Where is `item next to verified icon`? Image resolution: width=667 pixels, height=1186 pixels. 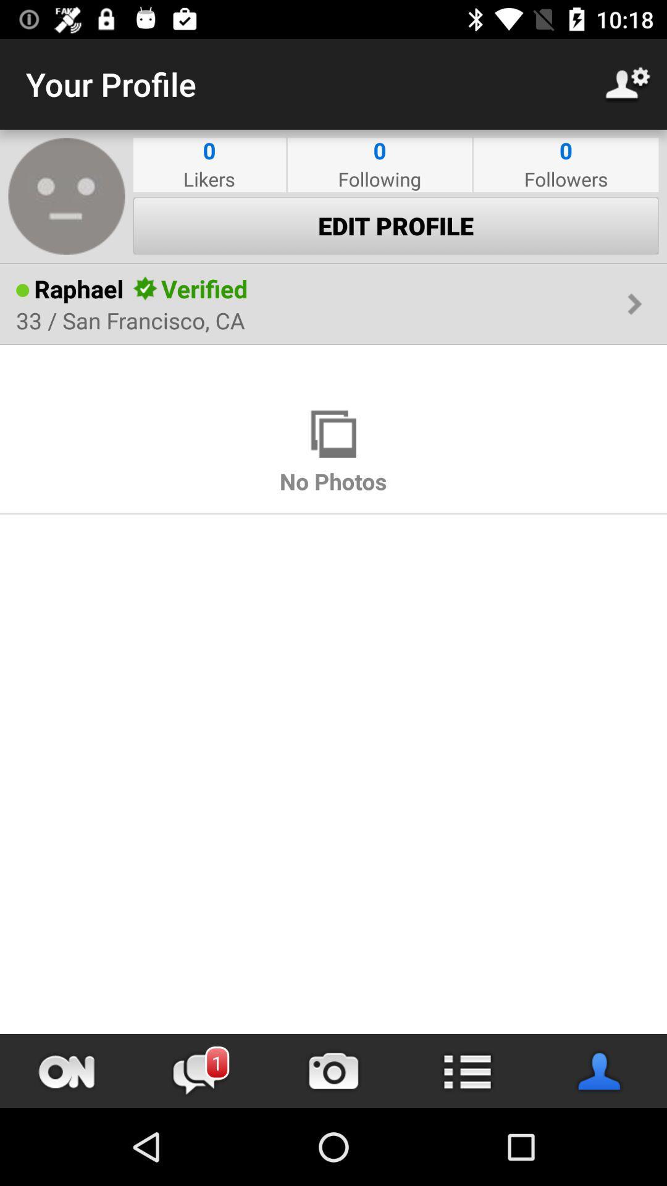 item next to verified icon is located at coordinates (145, 288).